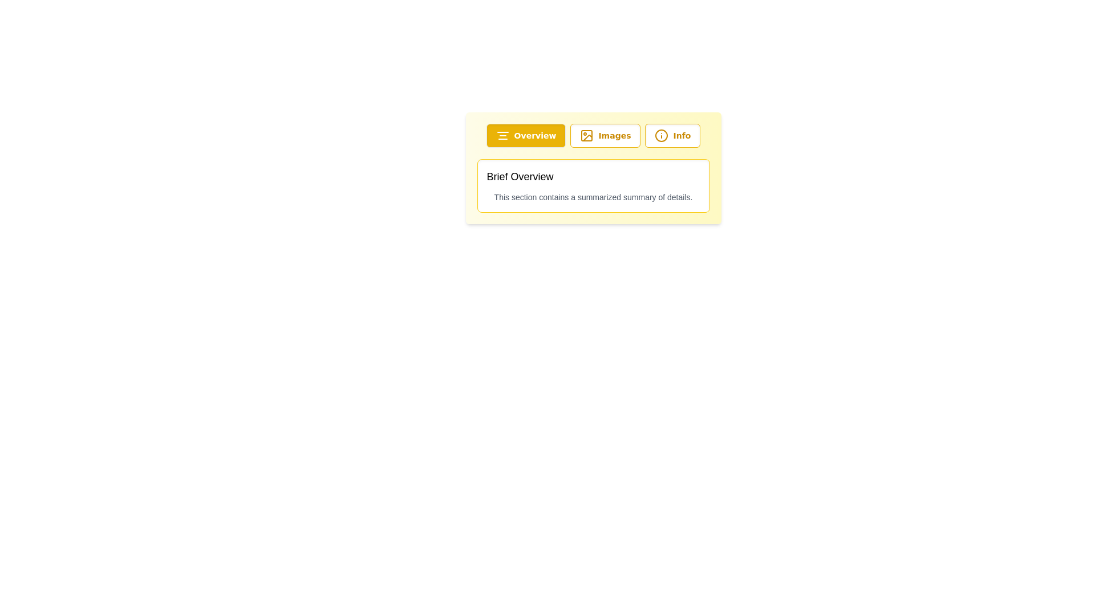  Describe the element at coordinates (587, 135) in the screenshot. I see `the image icon located at the center of the 'Images' button in the menu to trigger visual effects` at that location.